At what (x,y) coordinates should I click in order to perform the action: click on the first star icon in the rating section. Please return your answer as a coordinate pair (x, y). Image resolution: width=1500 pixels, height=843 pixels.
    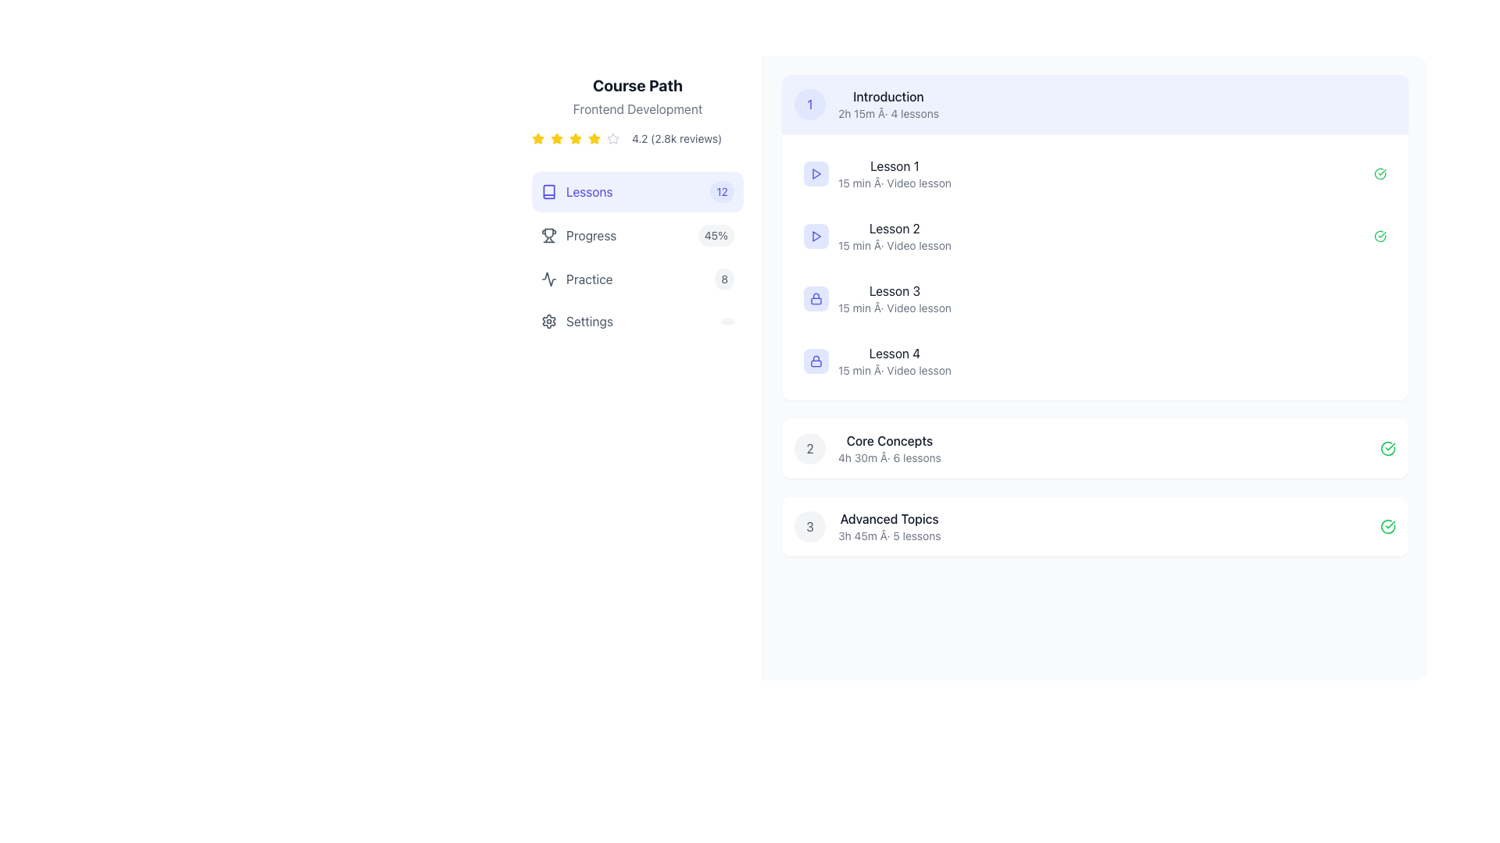
    Looking at the image, I should click on (538, 137).